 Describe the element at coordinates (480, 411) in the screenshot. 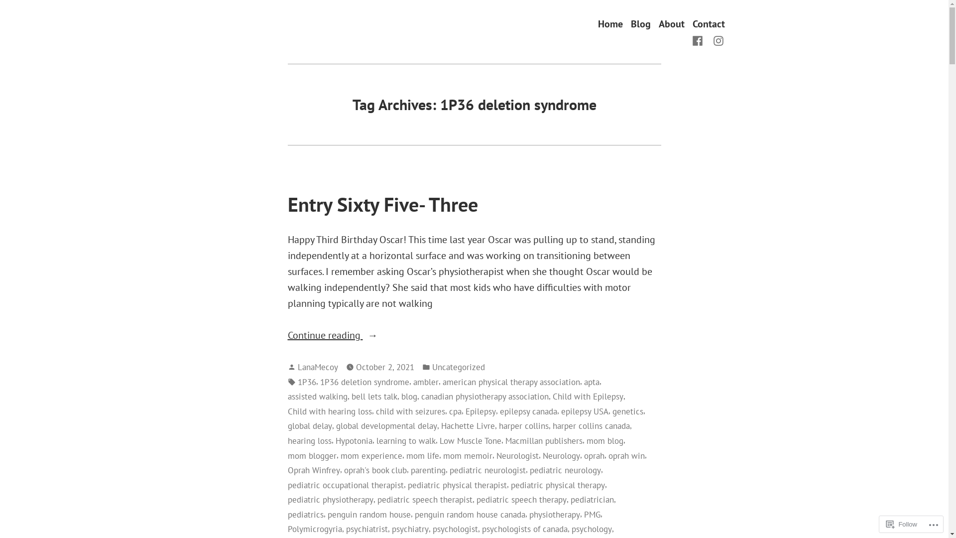

I see `'Epilepsy'` at that location.